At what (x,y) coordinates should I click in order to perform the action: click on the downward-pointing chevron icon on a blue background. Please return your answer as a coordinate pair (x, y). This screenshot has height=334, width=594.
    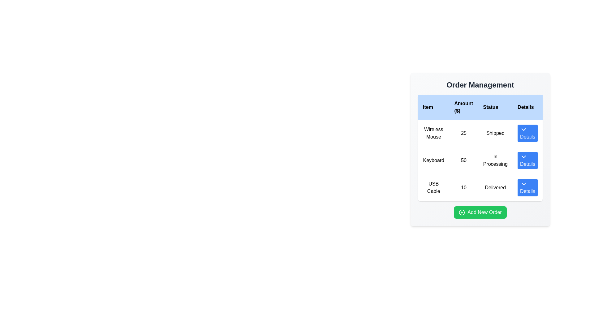
    Looking at the image, I should click on (523, 156).